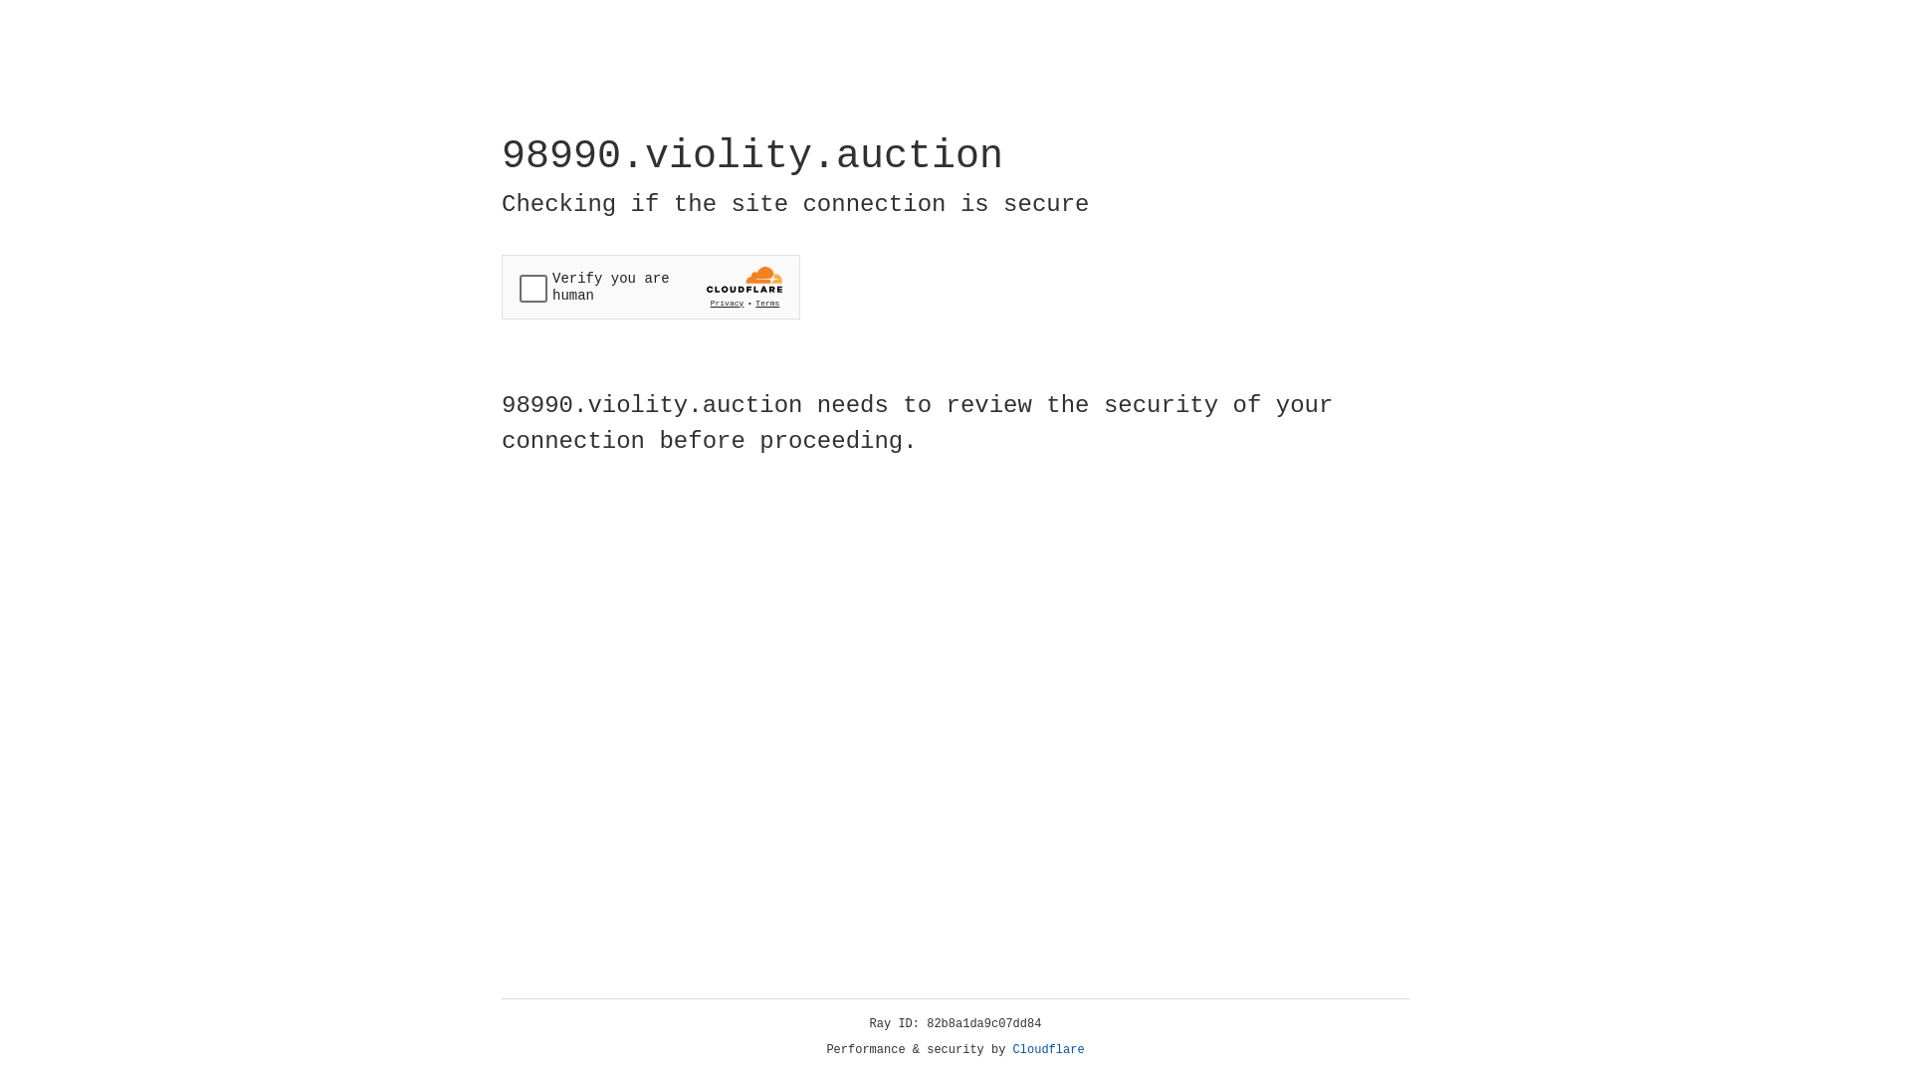  I want to click on 'Cloudflare', so click(1048, 1049).